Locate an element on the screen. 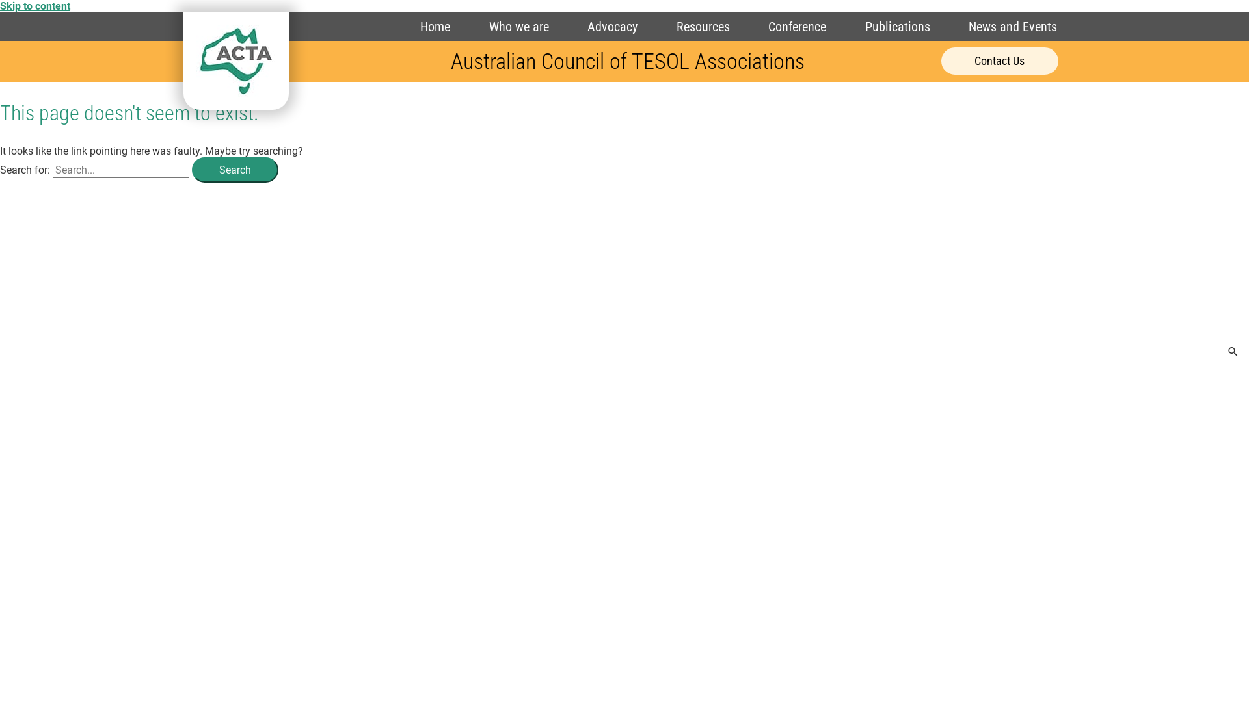 This screenshot has width=1249, height=702. 'Home' is located at coordinates (435, 27).